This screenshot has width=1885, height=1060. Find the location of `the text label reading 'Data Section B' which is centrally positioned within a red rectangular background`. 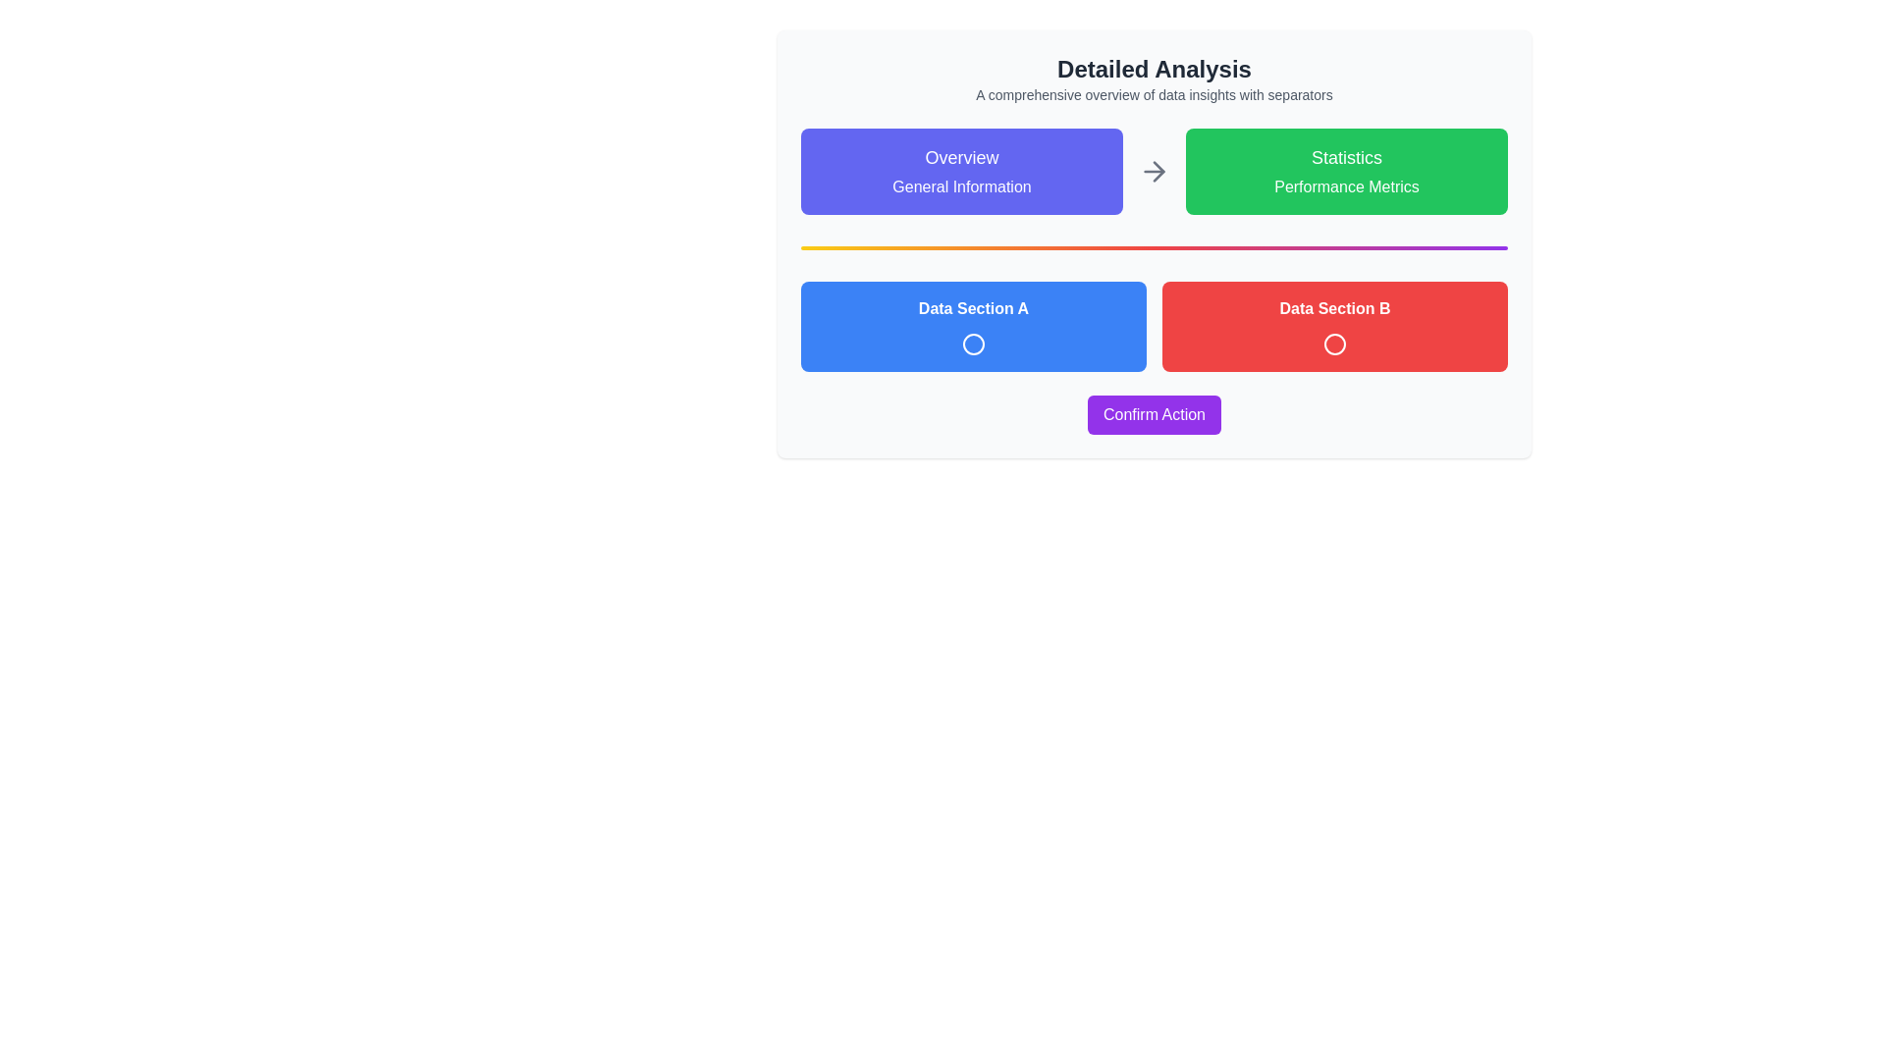

the text label reading 'Data Section B' which is centrally positioned within a red rectangular background is located at coordinates (1334, 309).